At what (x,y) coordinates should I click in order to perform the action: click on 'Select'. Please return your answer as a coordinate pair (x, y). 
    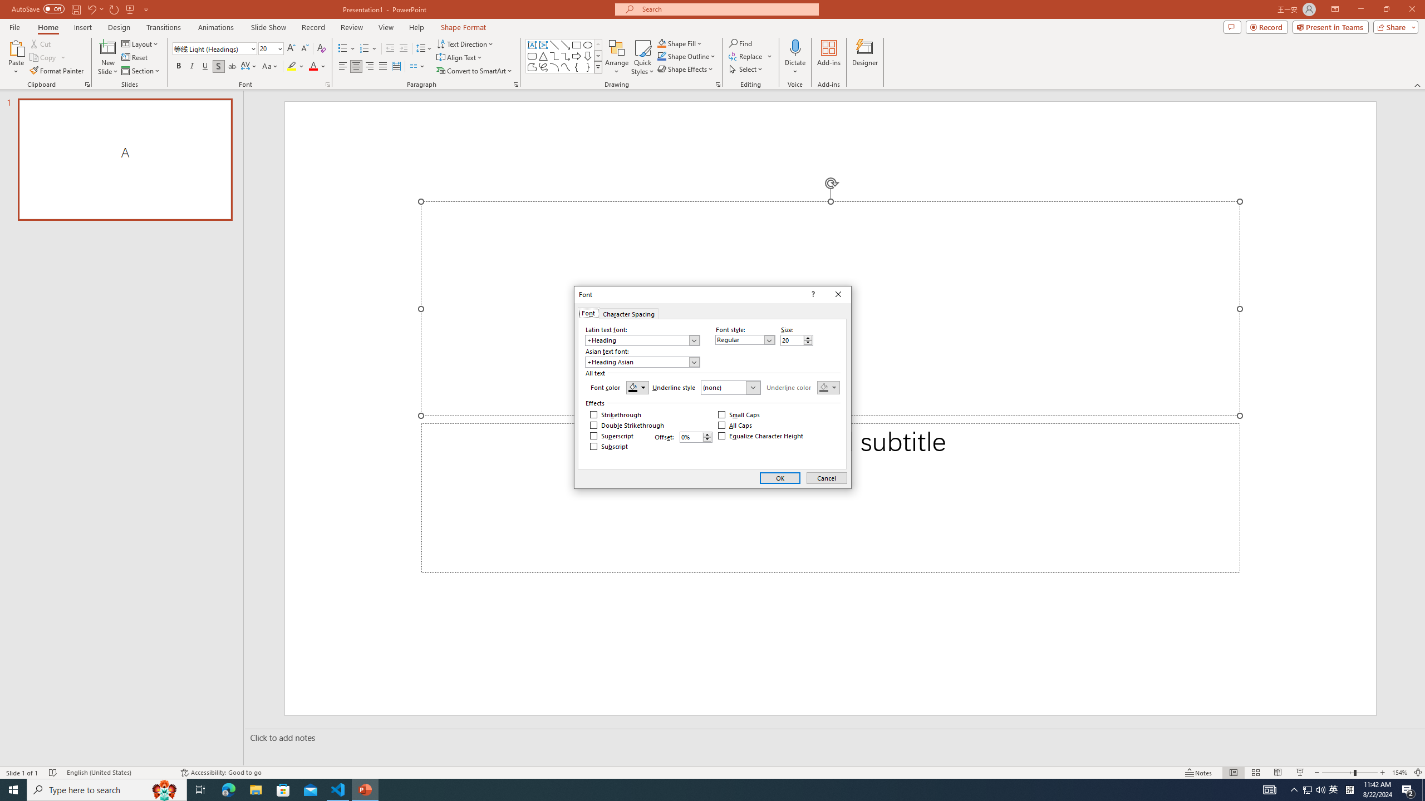
    Looking at the image, I should click on (746, 68).